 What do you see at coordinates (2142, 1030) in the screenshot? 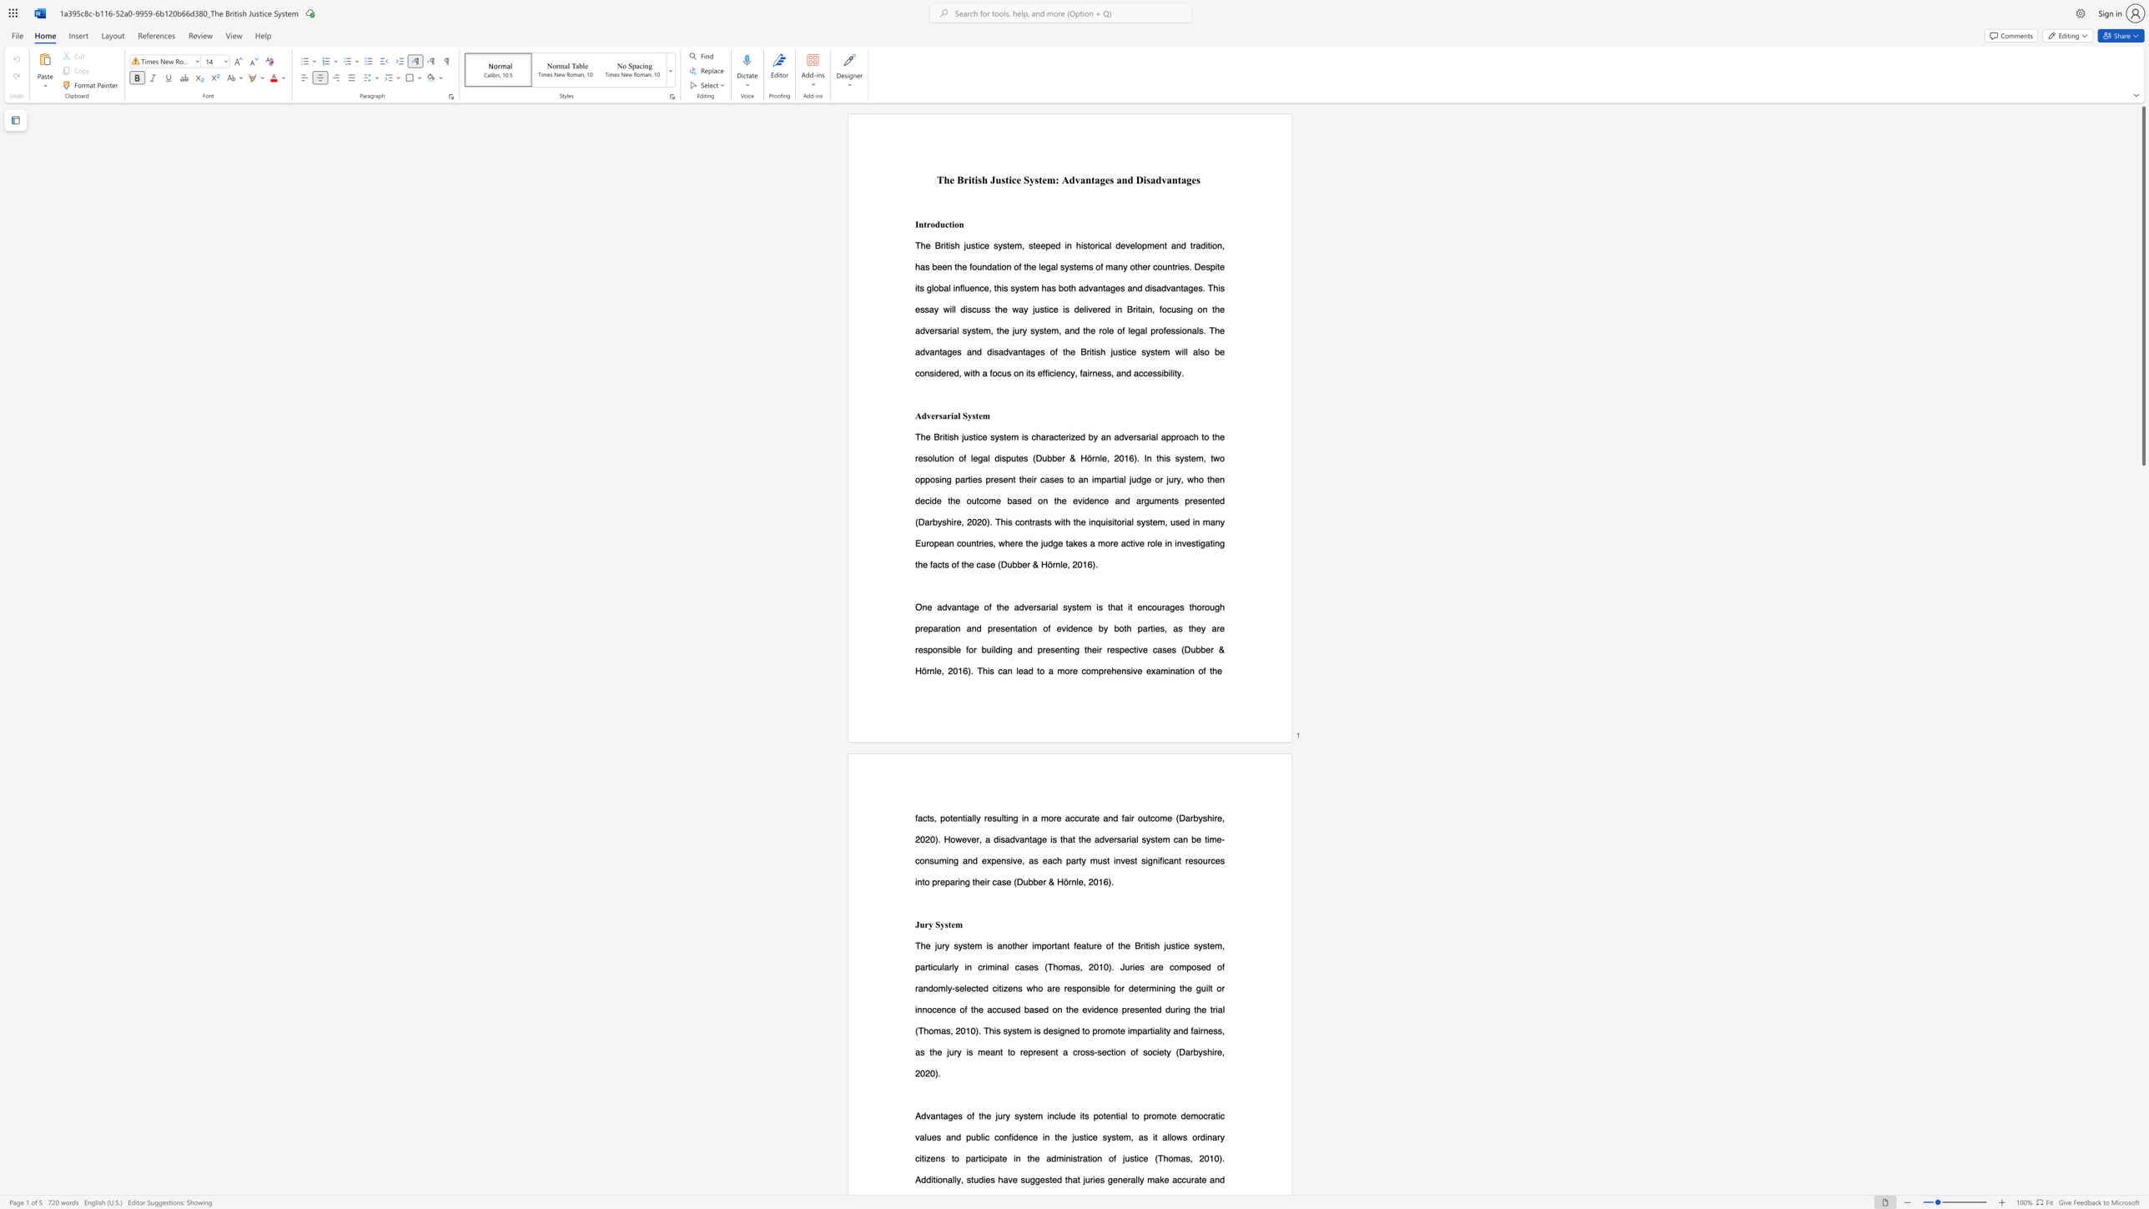
I see `the scrollbar on the right to shift the page lower` at bounding box center [2142, 1030].